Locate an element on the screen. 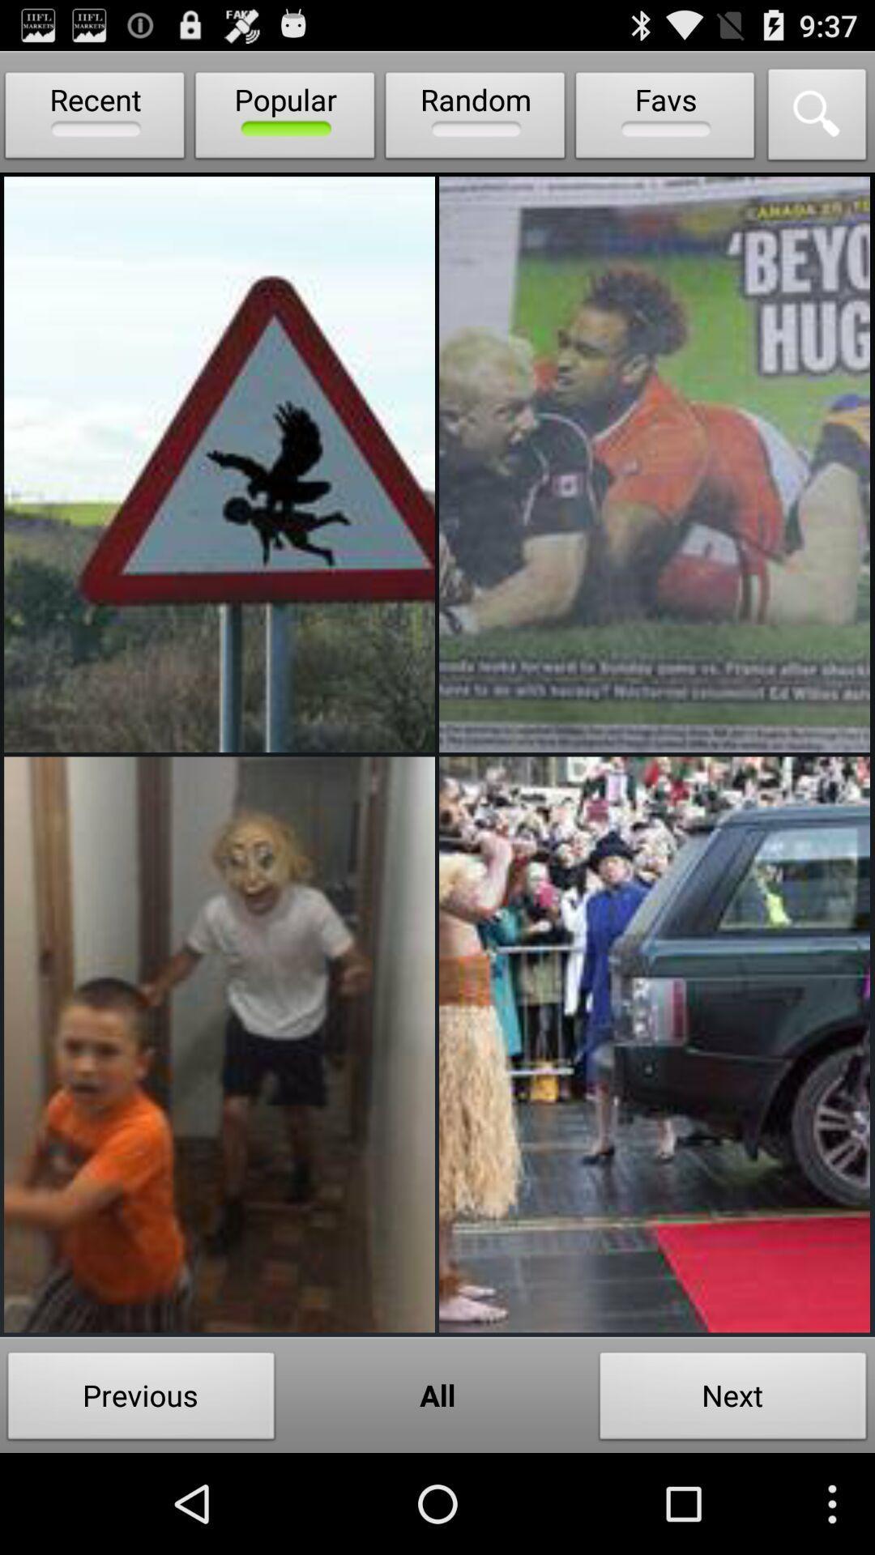 This screenshot has width=875, height=1555. button next to next item is located at coordinates (437, 1394).